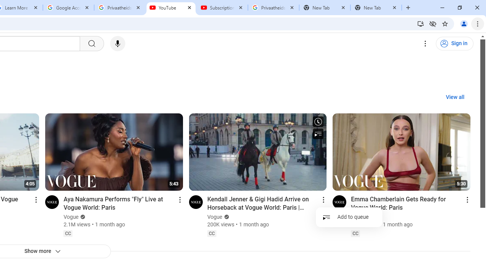 This screenshot has height=273, width=486. I want to click on 'New Tab', so click(376, 8).